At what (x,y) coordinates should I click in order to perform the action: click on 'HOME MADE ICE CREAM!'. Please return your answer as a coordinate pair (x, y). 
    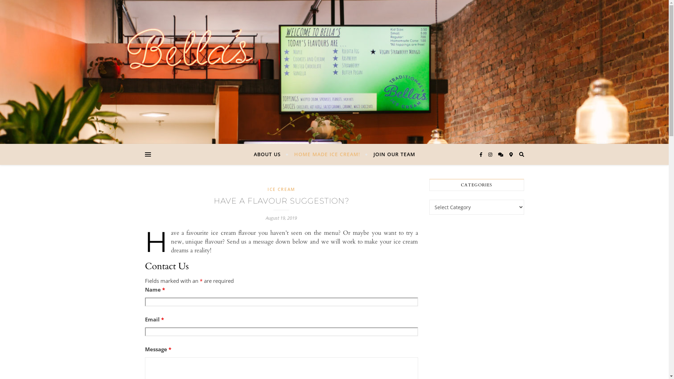
    Looking at the image, I should click on (326, 154).